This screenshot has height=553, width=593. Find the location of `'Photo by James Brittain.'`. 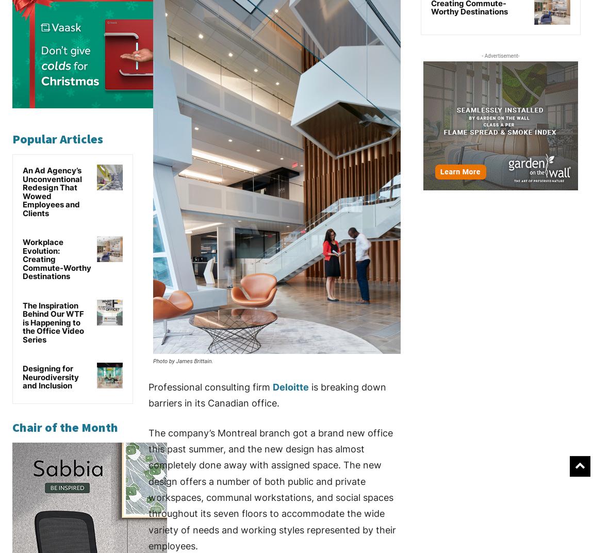

'Photo by James Brittain.' is located at coordinates (183, 361).